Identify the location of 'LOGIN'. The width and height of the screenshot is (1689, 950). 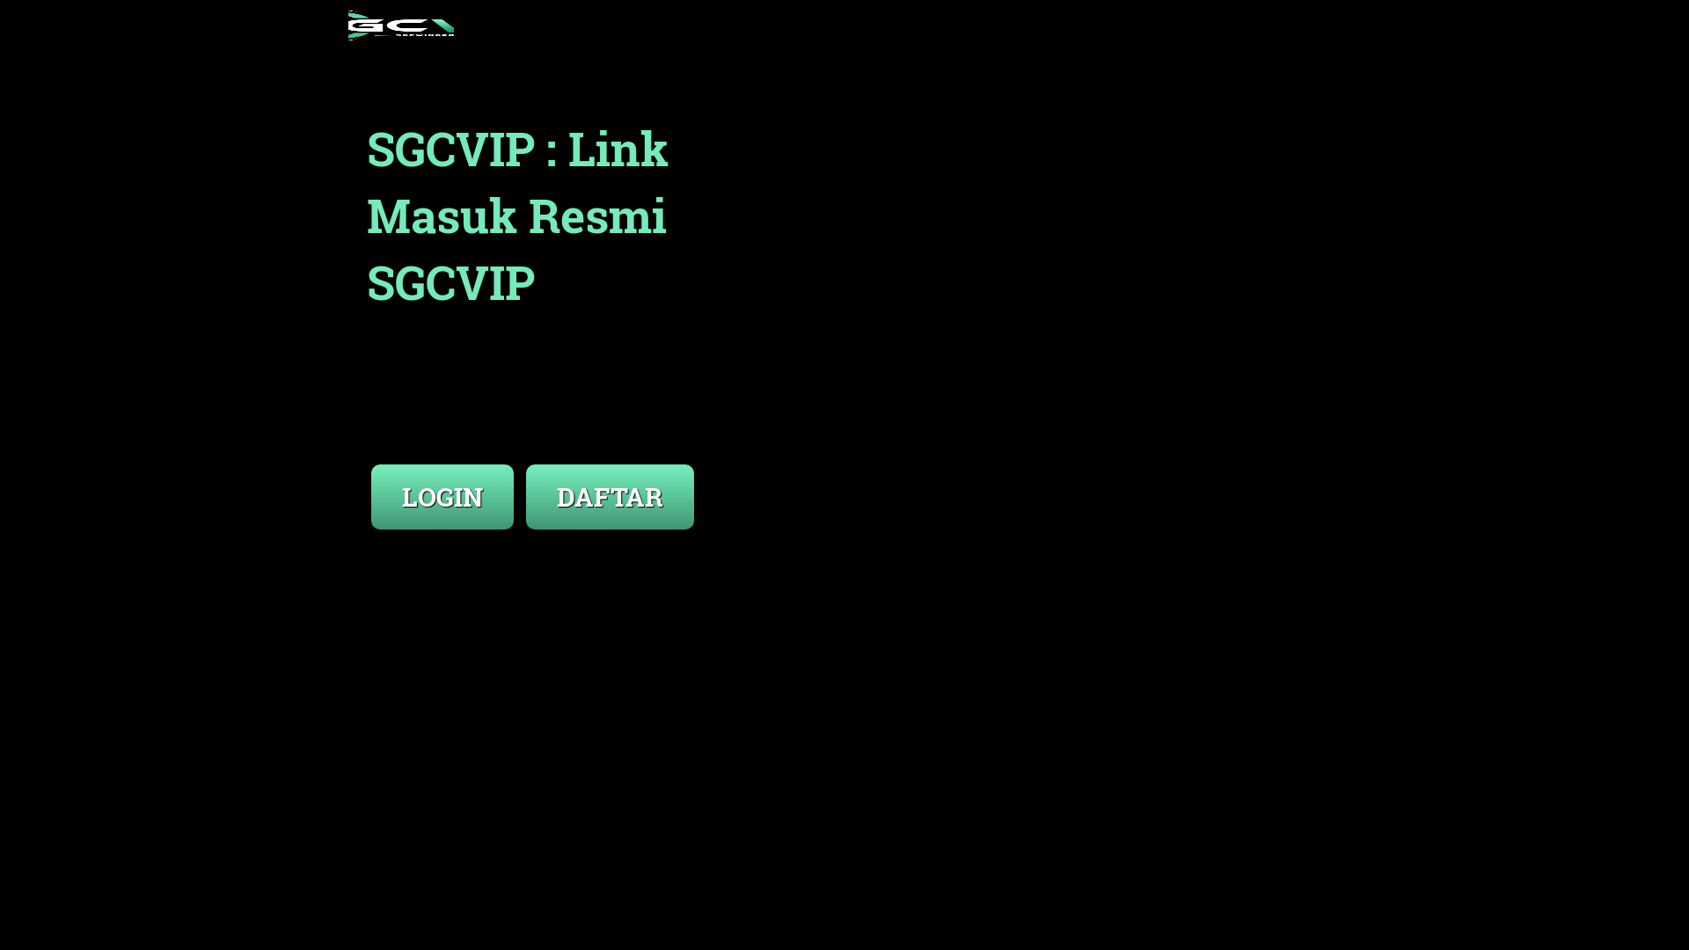
(442, 496).